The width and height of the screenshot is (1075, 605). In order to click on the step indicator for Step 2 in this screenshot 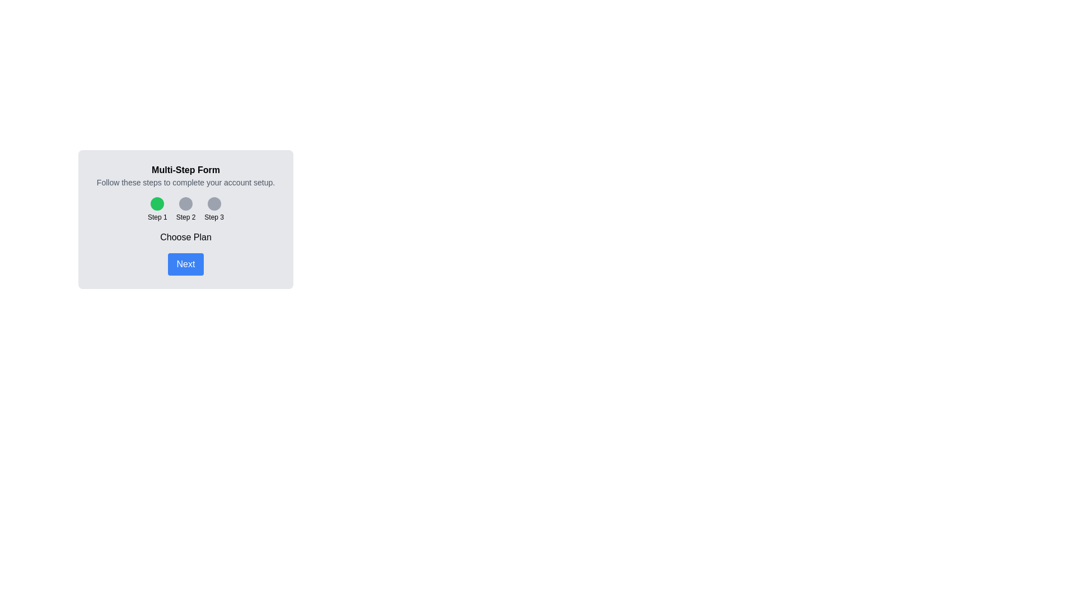, I will do `click(185, 203)`.